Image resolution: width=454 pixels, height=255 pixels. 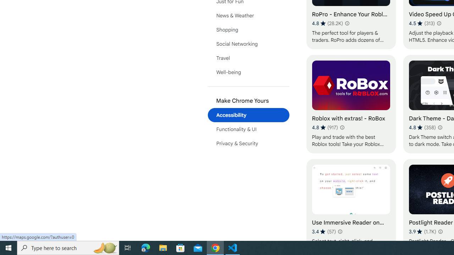 I want to click on 'Well-being', so click(x=248, y=72).